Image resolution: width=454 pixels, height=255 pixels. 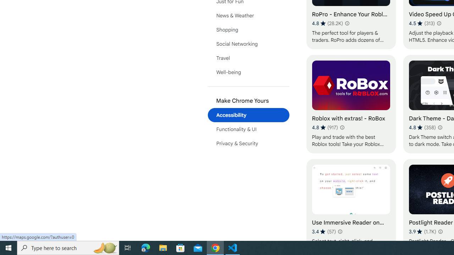 I want to click on 'Well-being', so click(x=248, y=72).